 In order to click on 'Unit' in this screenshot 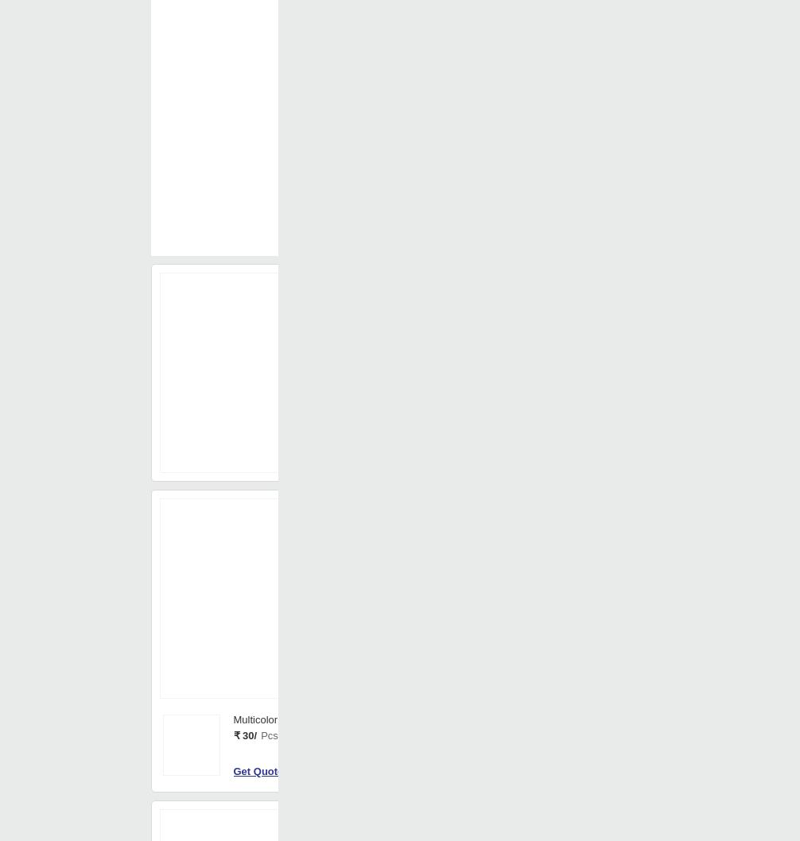, I will do `click(430, 531)`.